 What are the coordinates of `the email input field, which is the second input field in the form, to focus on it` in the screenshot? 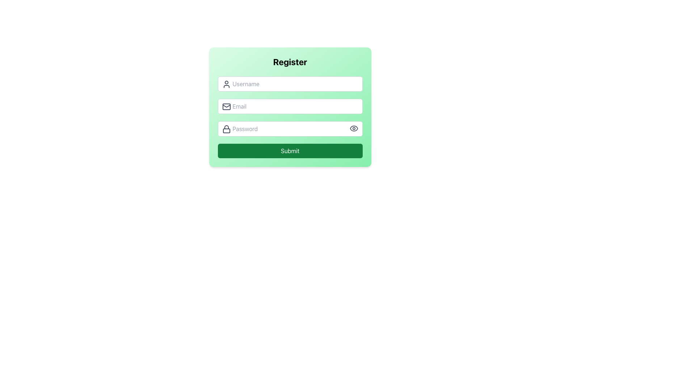 It's located at (290, 106).